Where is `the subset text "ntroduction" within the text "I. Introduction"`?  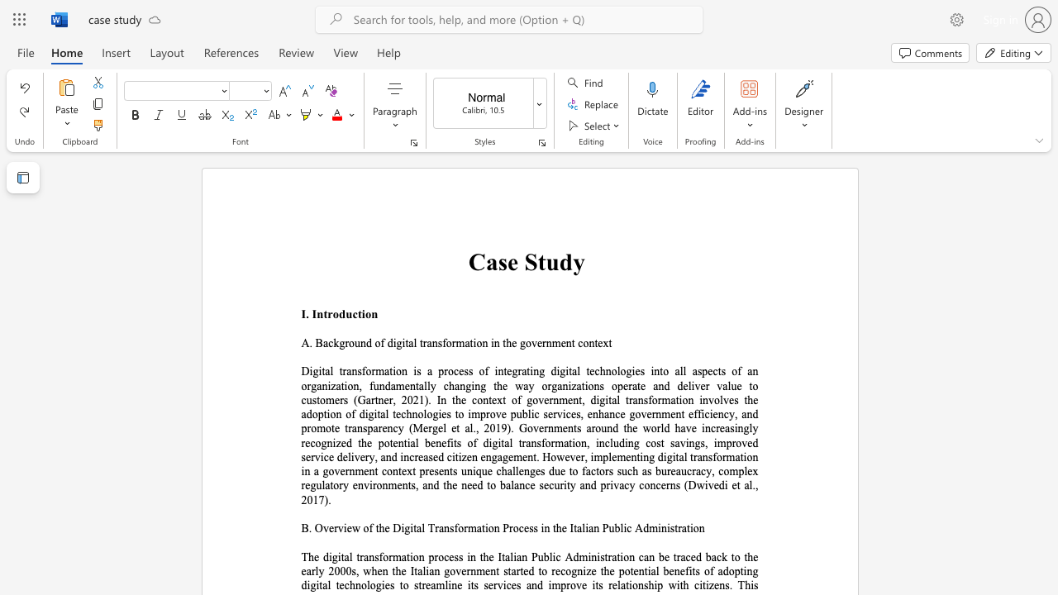
the subset text "ntroduction" within the text "I. Introduction" is located at coordinates (317, 314).